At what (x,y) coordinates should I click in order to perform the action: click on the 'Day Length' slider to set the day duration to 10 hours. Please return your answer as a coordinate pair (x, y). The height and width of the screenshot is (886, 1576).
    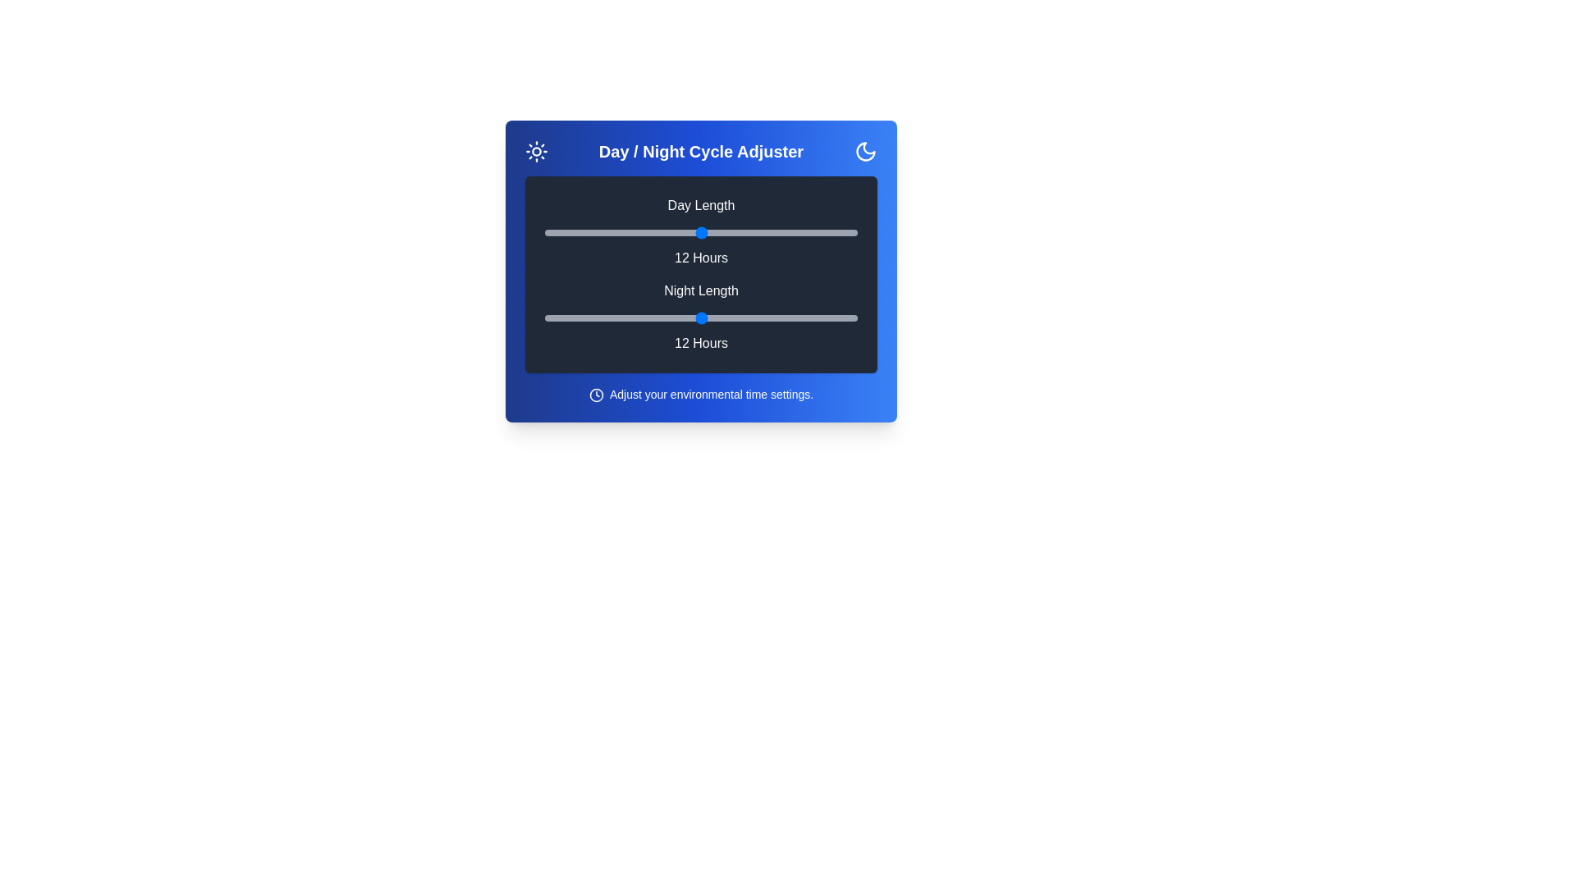
    Looking at the image, I should click on (648, 233).